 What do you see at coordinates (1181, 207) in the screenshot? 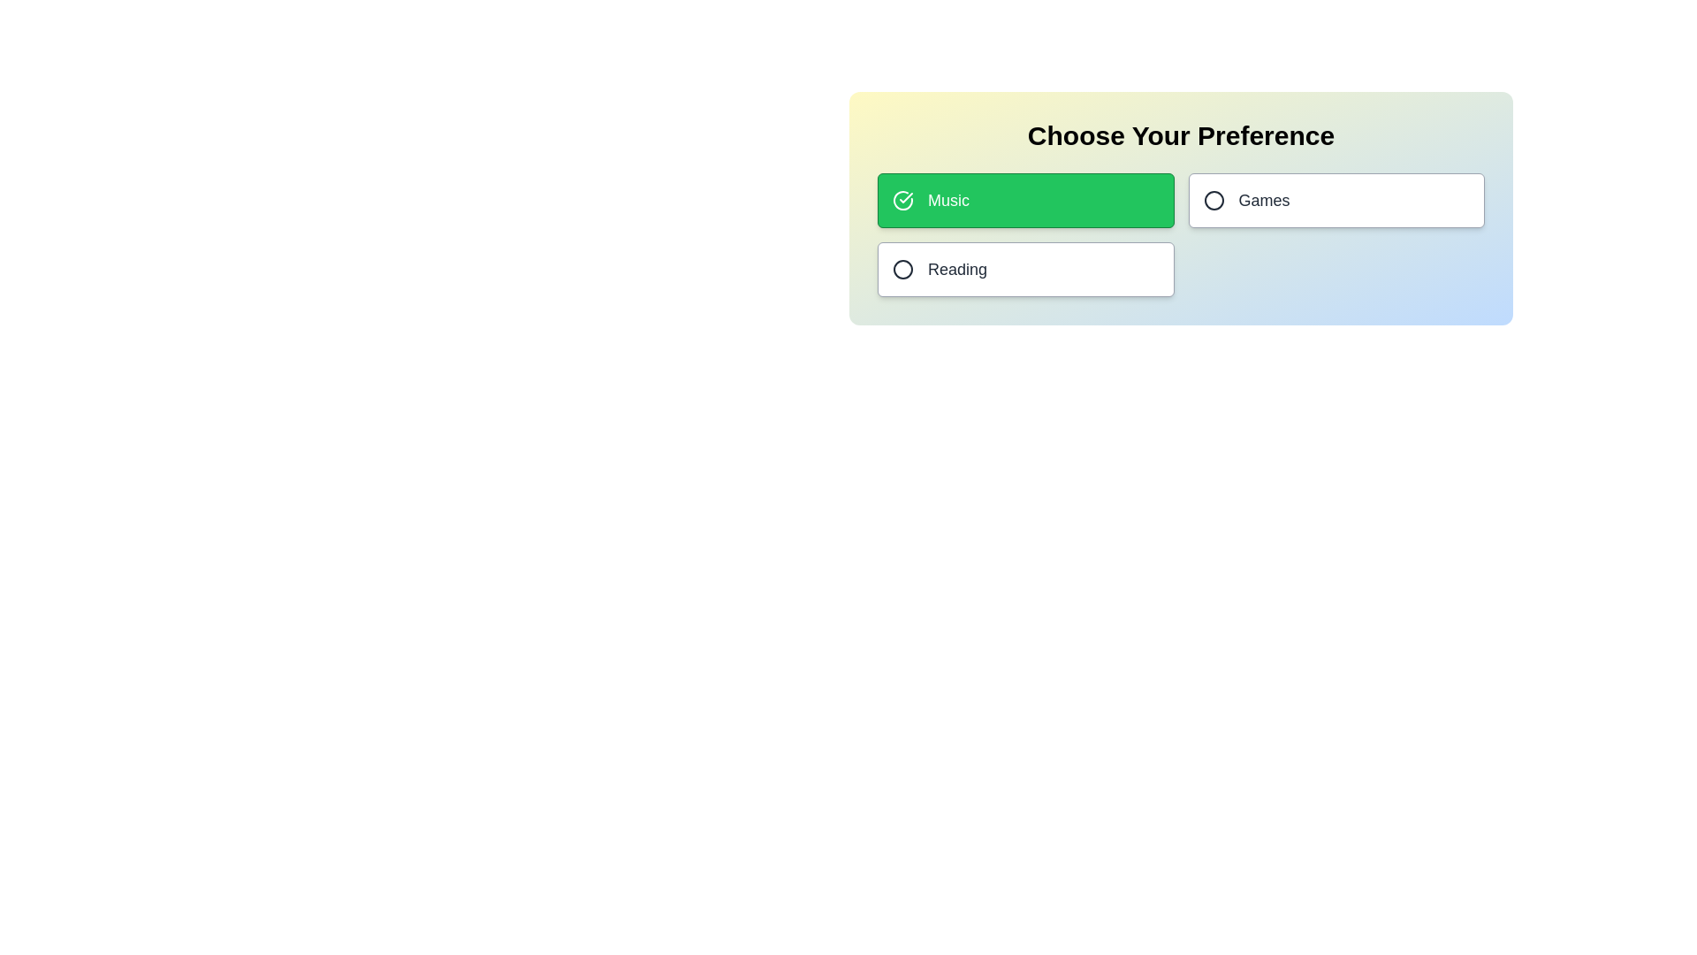
I see `one of the interactive options ('Music', 'Games', or 'Reading') within the card titled 'Choose Your Preference', which has a gradient background and rounded corners` at bounding box center [1181, 207].